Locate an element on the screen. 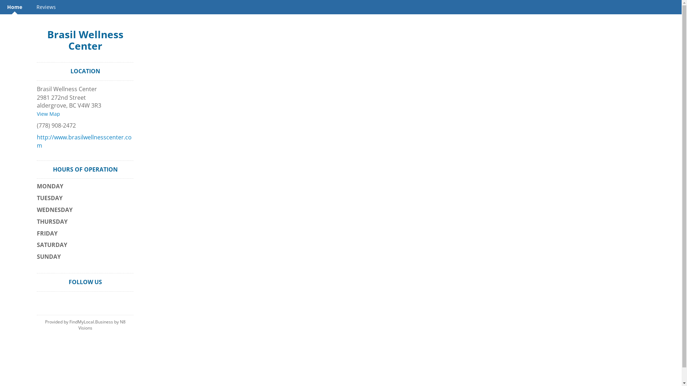 The width and height of the screenshot is (687, 386). 'Brasil Wellness Center' is located at coordinates (47, 40).